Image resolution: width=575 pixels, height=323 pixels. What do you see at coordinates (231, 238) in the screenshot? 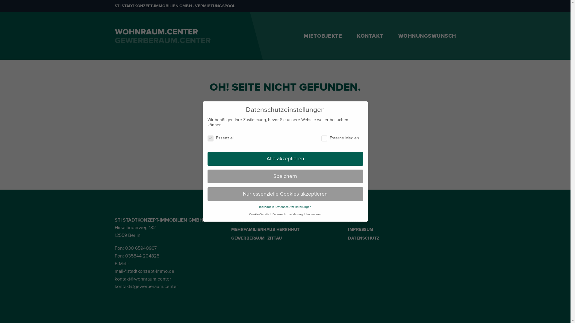
I see `'GEWERBERAUM ZITTAU'` at bounding box center [231, 238].